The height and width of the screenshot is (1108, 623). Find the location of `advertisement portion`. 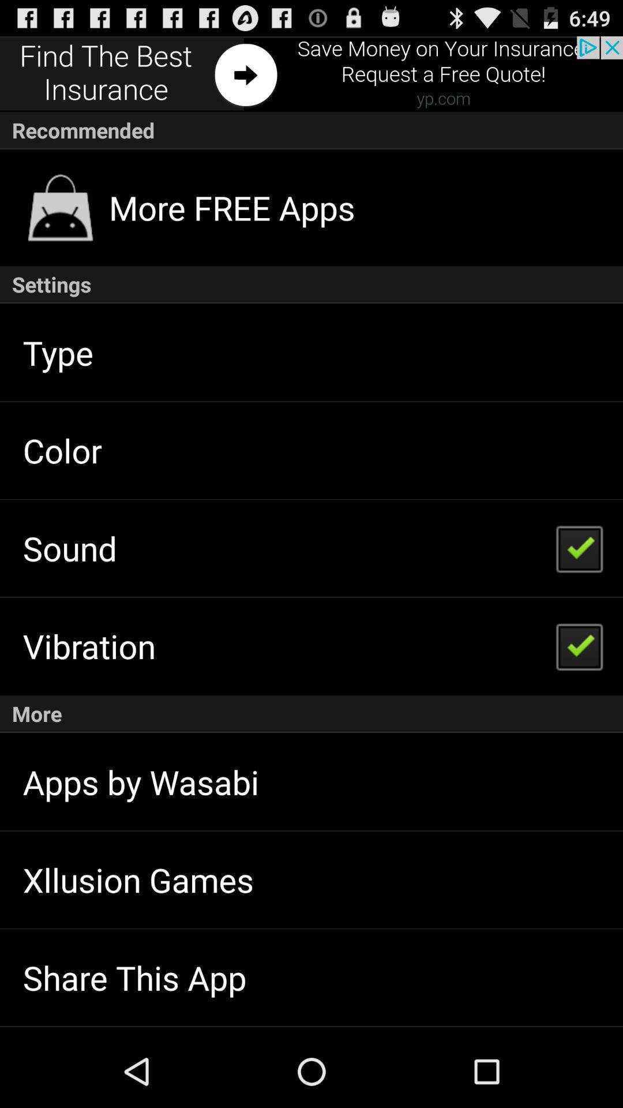

advertisement portion is located at coordinates (311, 73).